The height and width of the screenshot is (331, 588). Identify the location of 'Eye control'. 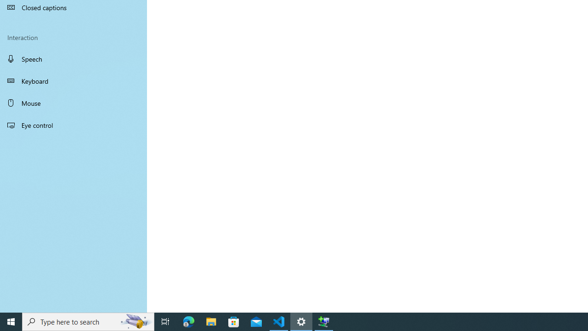
(73, 125).